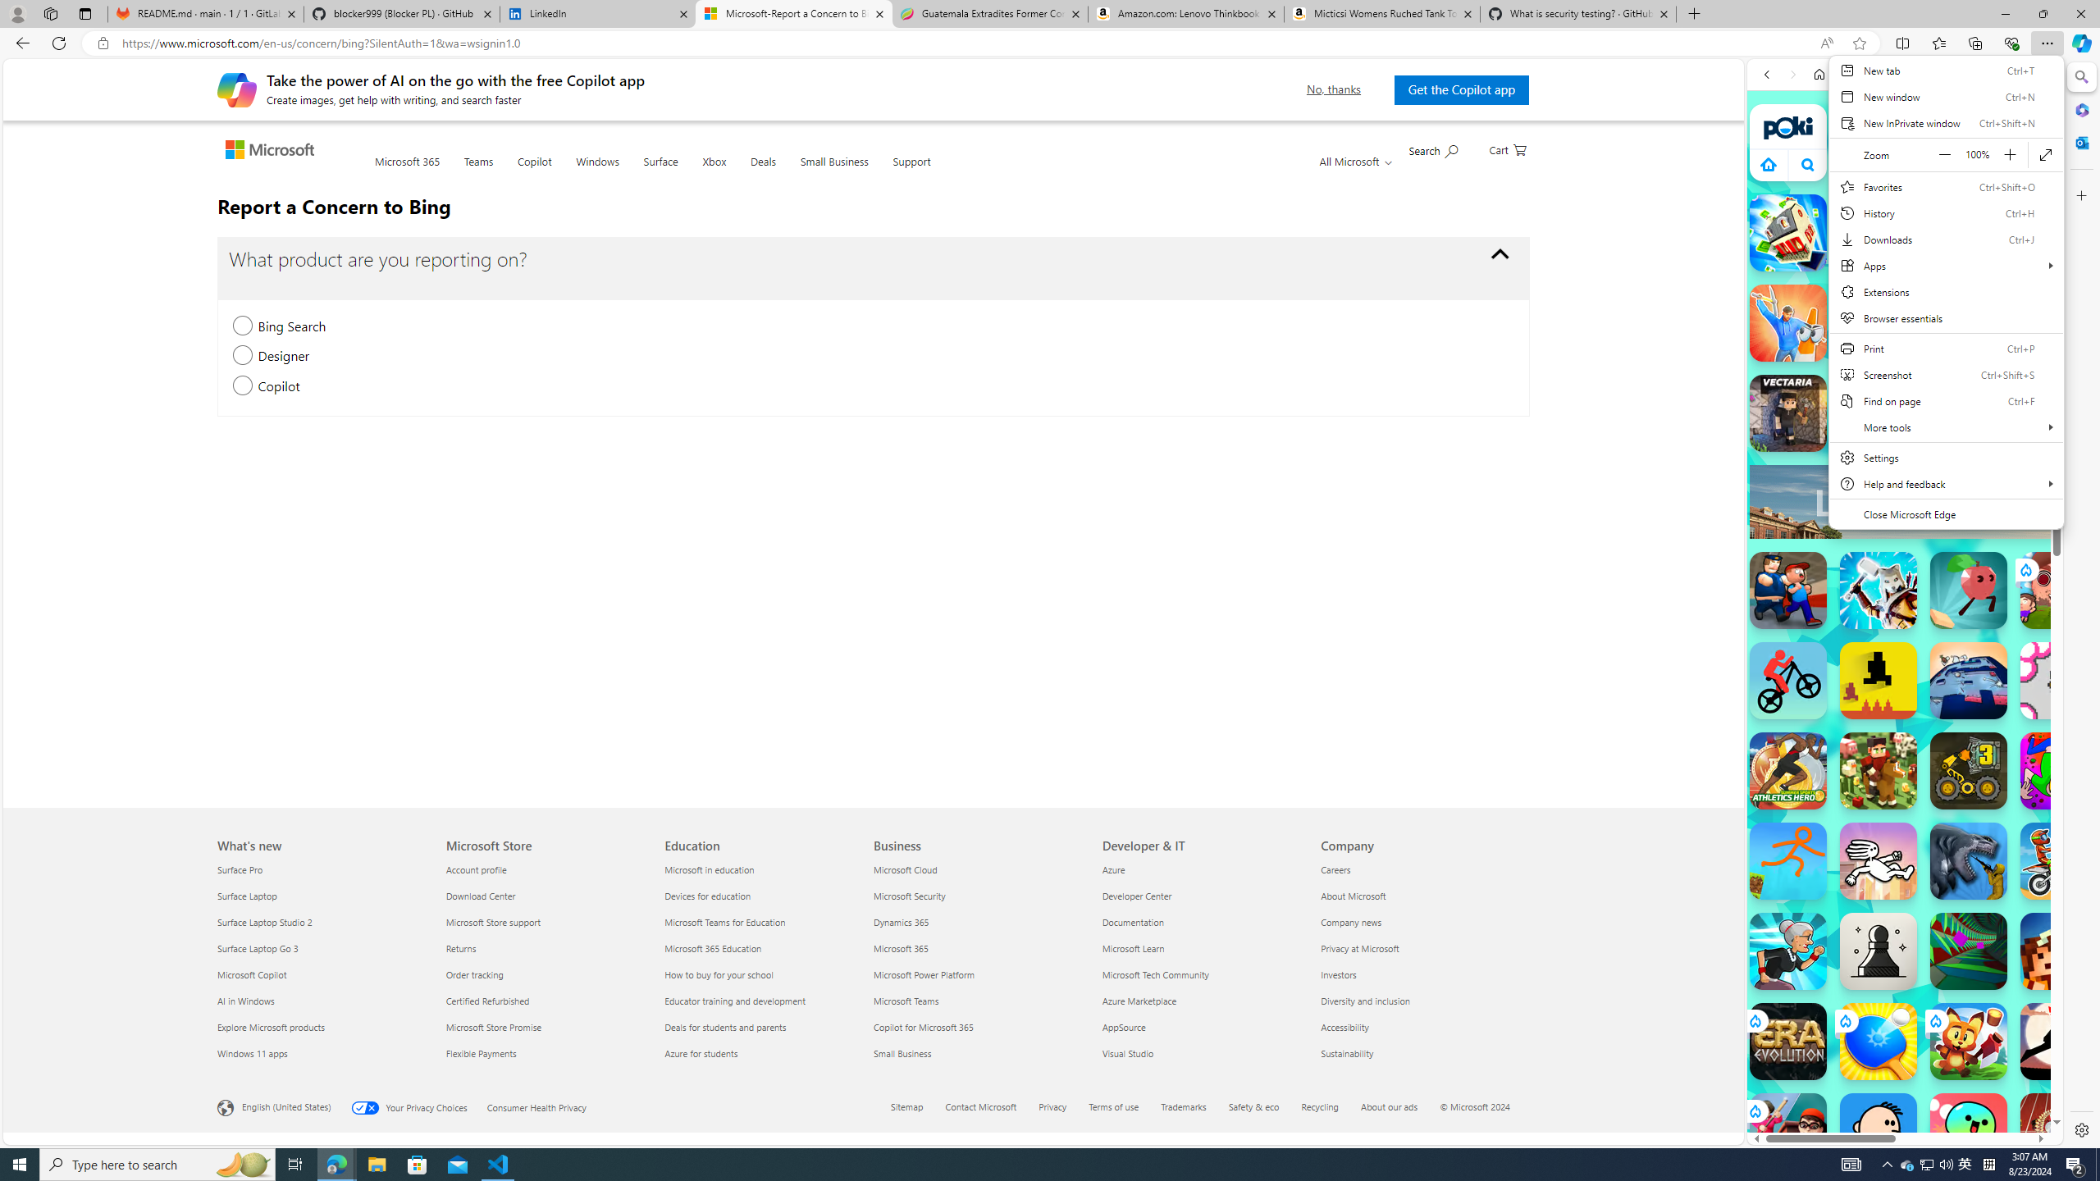 The image size is (2100, 1181). I want to click on 'Games for Girls', so click(1903, 585).